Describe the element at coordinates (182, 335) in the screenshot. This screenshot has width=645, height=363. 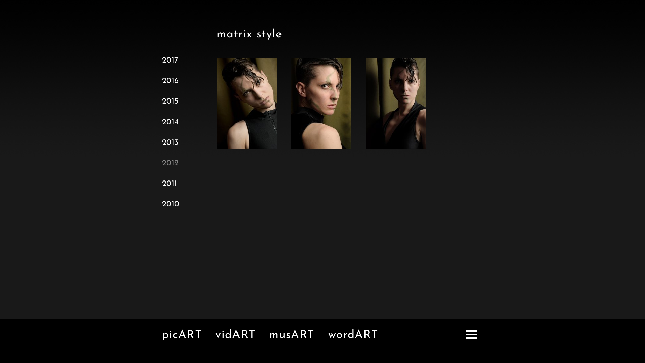
I see `'picART'` at that location.